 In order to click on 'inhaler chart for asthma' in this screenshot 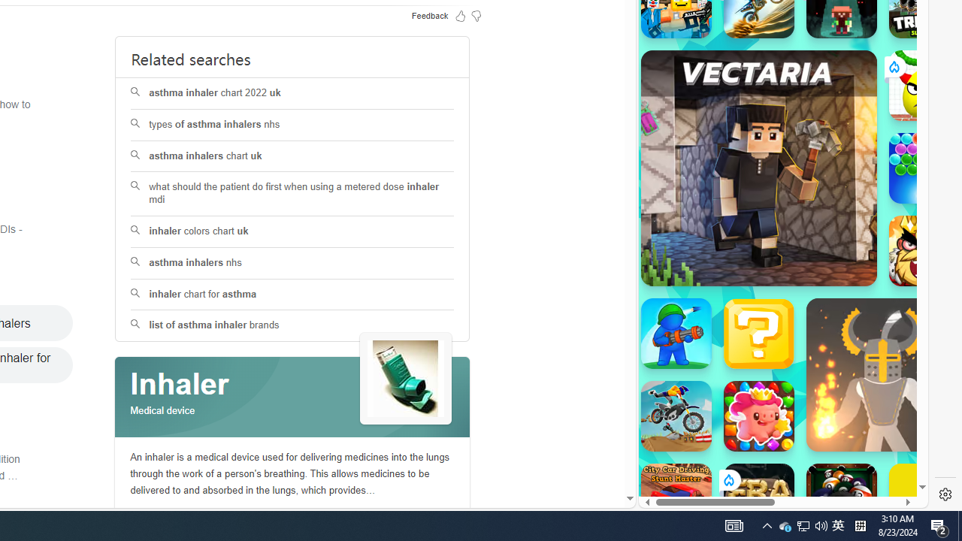, I will do `click(292, 295)`.